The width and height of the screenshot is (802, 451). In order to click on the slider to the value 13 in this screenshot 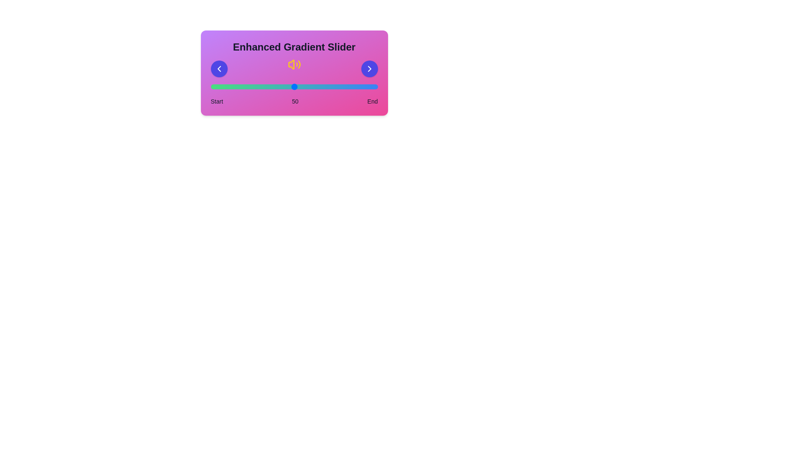, I will do `click(232, 87)`.